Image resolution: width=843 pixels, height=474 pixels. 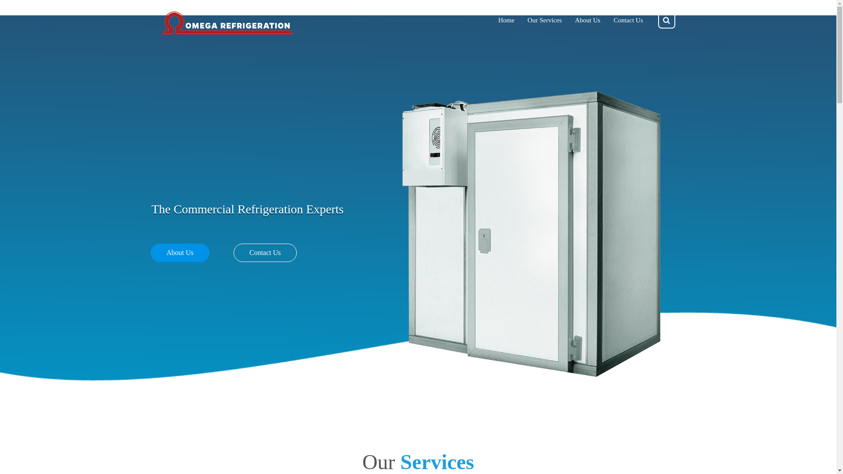 What do you see at coordinates (544, 20) in the screenshot?
I see `'Our Services'` at bounding box center [544, 20].